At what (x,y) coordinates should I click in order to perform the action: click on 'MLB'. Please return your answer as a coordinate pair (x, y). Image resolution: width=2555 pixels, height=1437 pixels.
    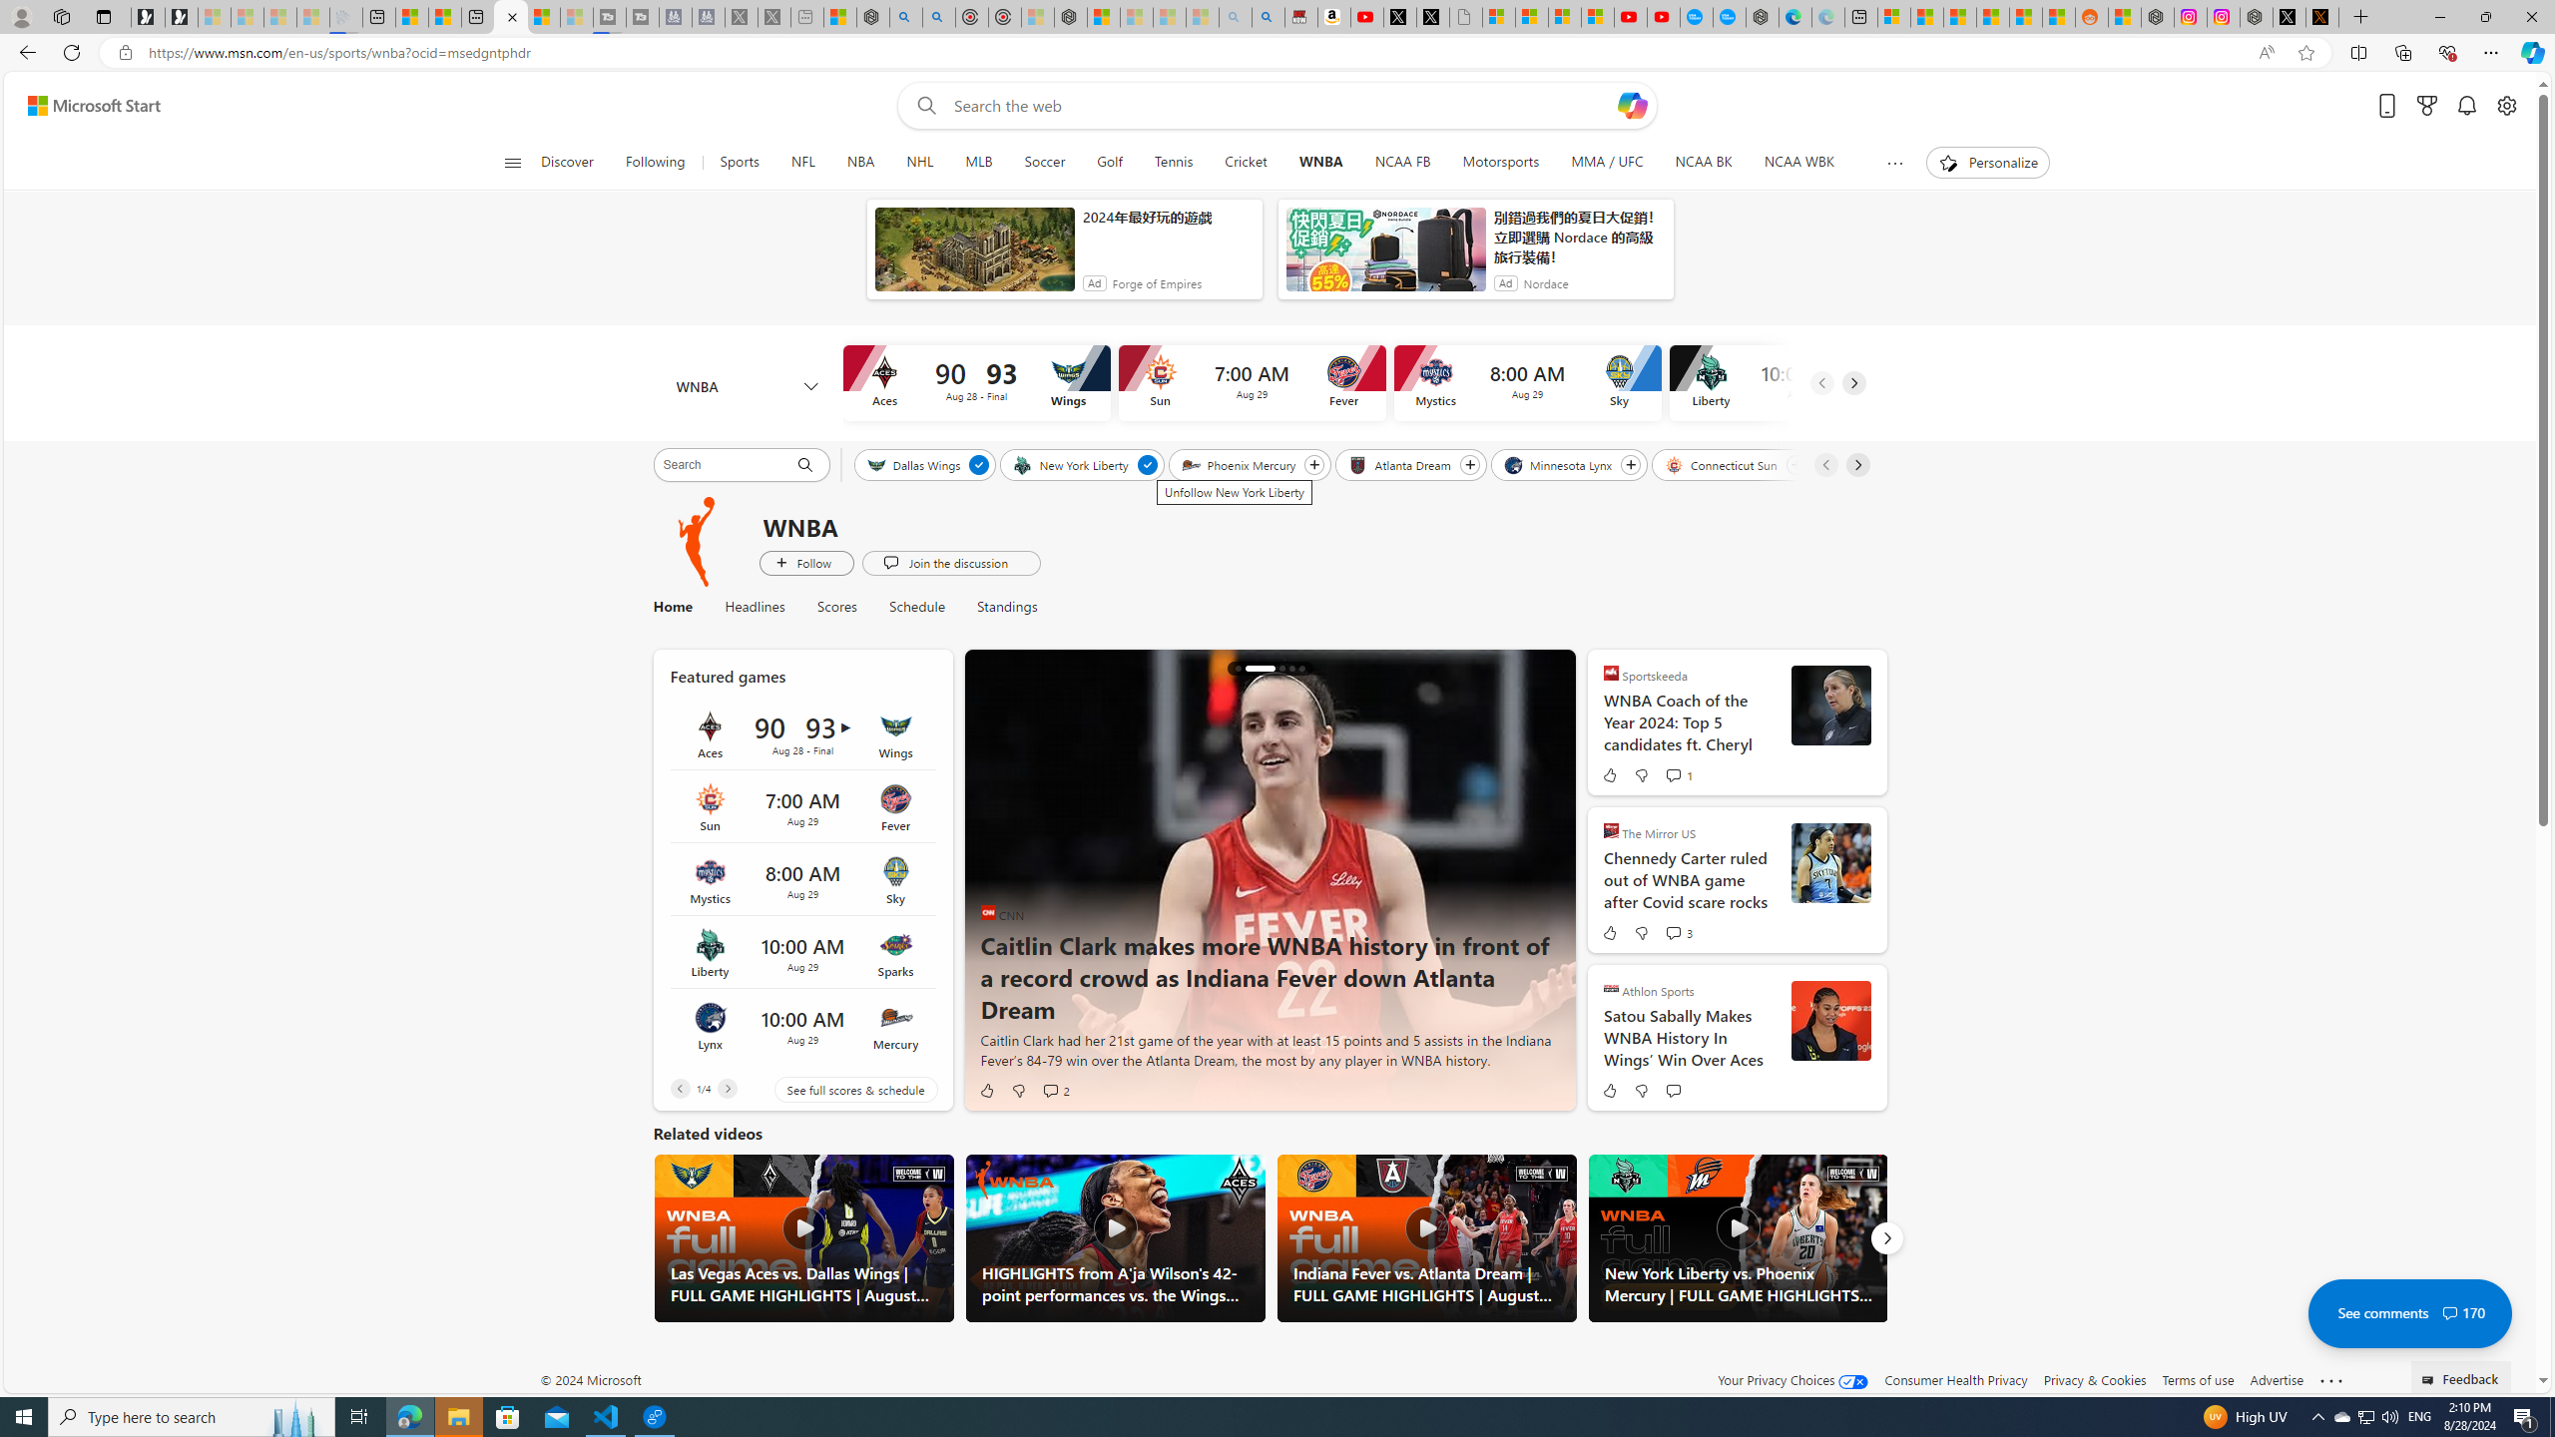
    Looking at the image, I should click on (977, 162).